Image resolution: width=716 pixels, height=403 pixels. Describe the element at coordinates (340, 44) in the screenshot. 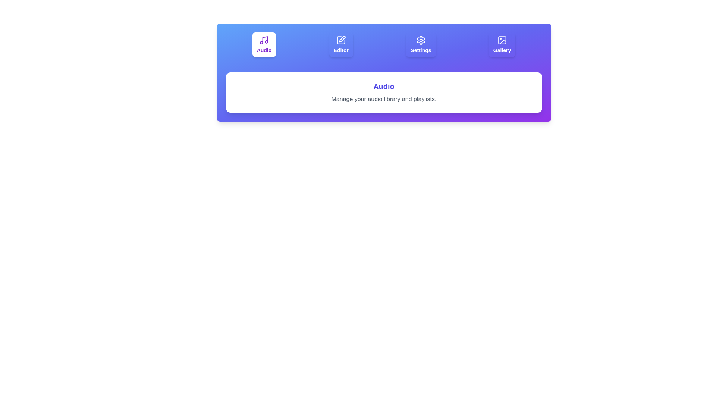

I see `the tab labeled Editor to observe its hover effect` at that location.